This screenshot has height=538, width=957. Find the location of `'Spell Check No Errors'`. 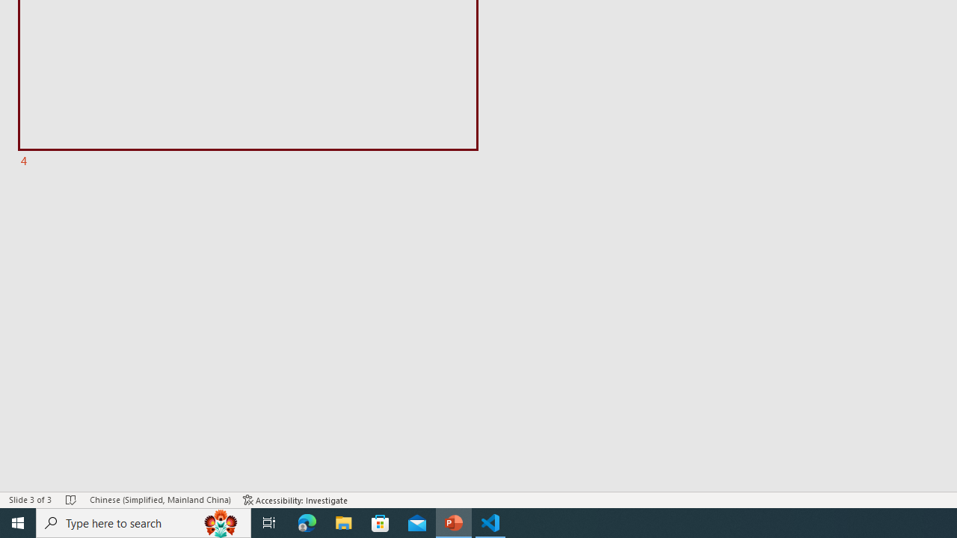

'Spell Check No Errors' is located at coordinates (71, 500).